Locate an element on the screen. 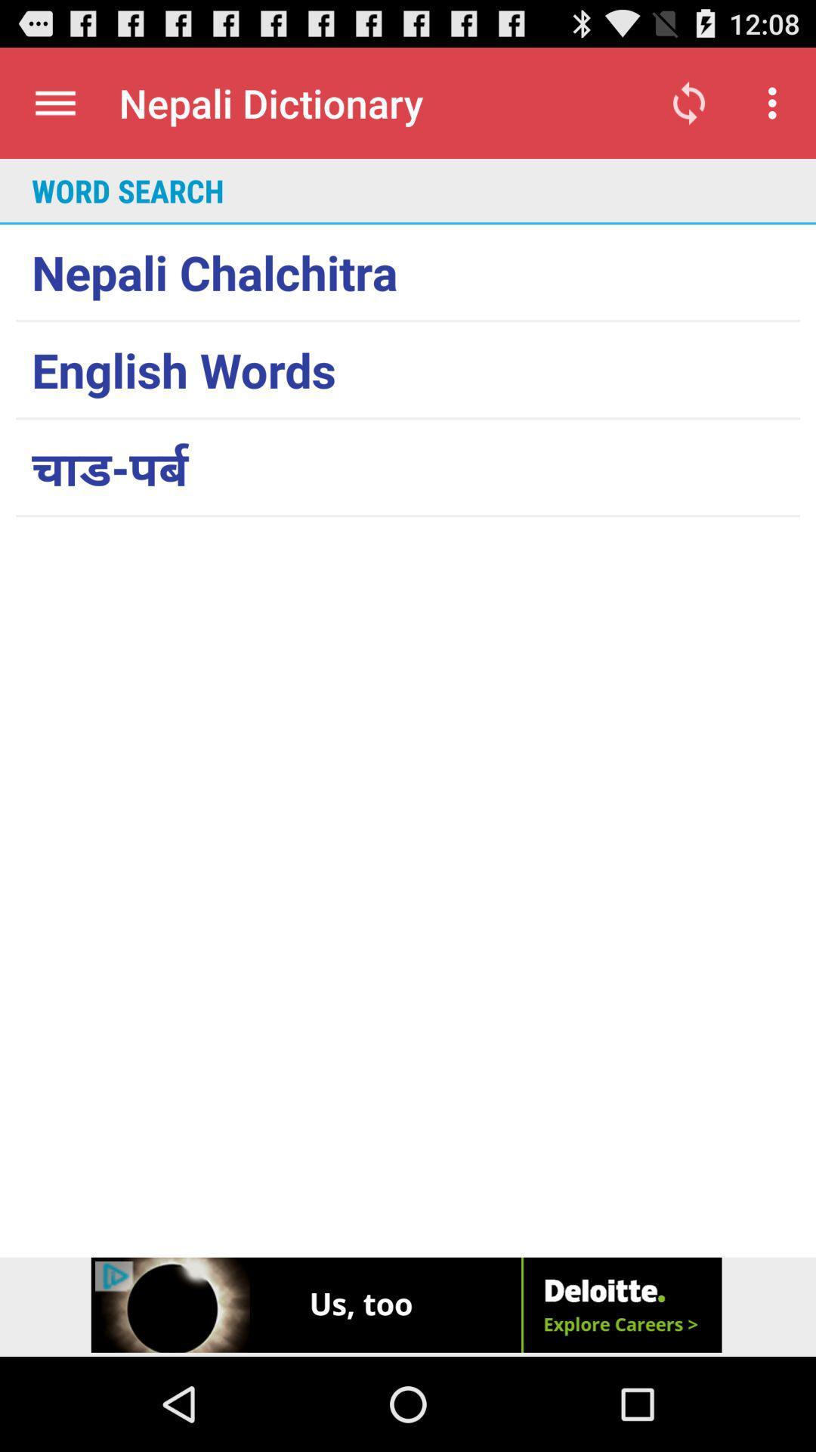 The image size is (816, 1452). click on advertisement is located at coordinates (408, 1306).